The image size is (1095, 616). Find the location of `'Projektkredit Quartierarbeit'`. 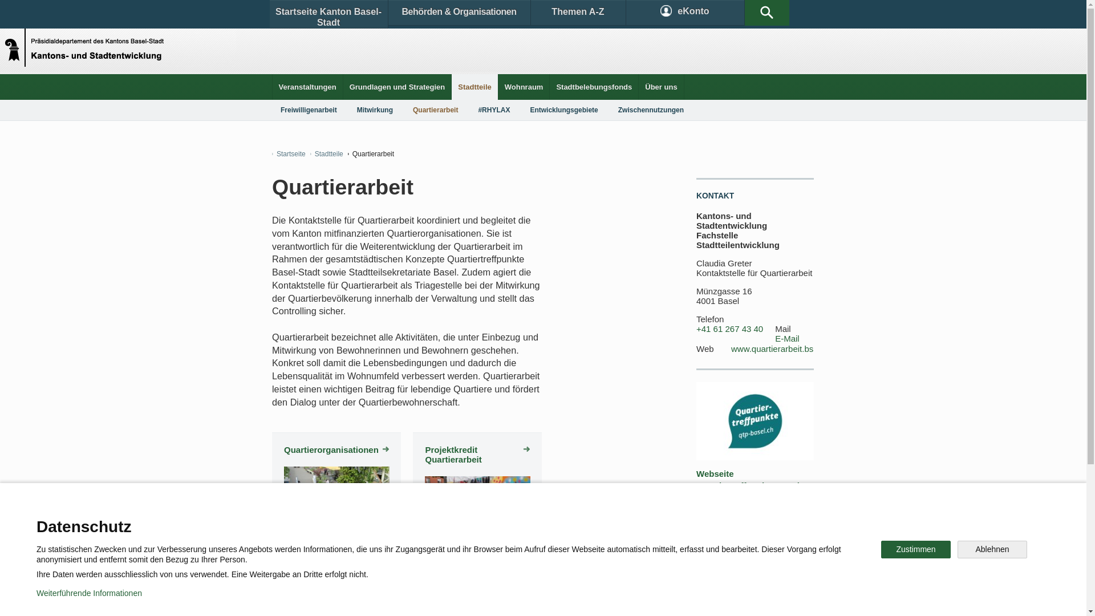

'Projektkredit Quartierarbeit' is located at coordinates (477, 454).